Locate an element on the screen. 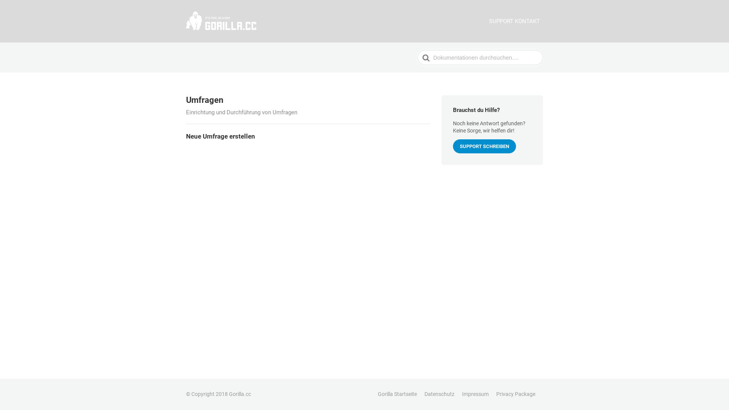 This screenshot has width=729, height=410. 'Privacy Package' is located at coordinates (496, 393).